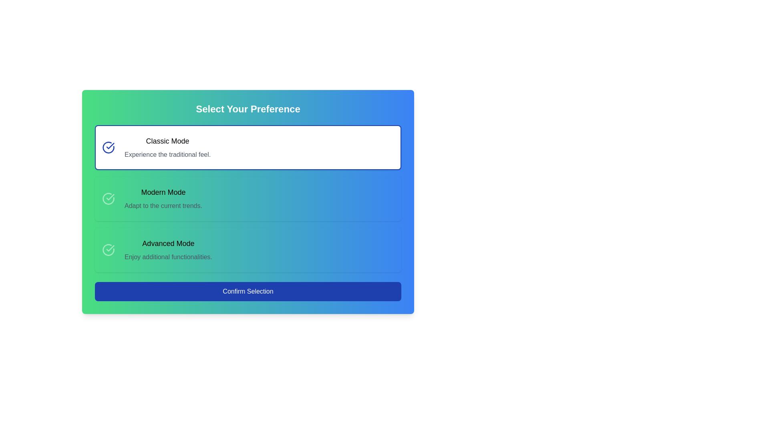 The width and height of the screenshot is (769, 432). What do you see at coordinates (168, 249) in the screenshot?
I see `textual description of the 'Advanced Mode' text block which is styled with a bold font and contains the subtitle 'Enjoy additional functionalities.'` at bounding box center [168, 249].